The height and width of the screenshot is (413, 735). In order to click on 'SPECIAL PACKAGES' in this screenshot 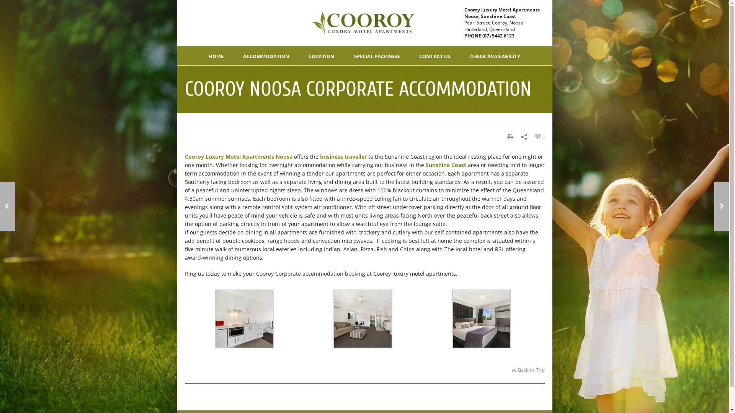, I will do `click(377, 55)`.